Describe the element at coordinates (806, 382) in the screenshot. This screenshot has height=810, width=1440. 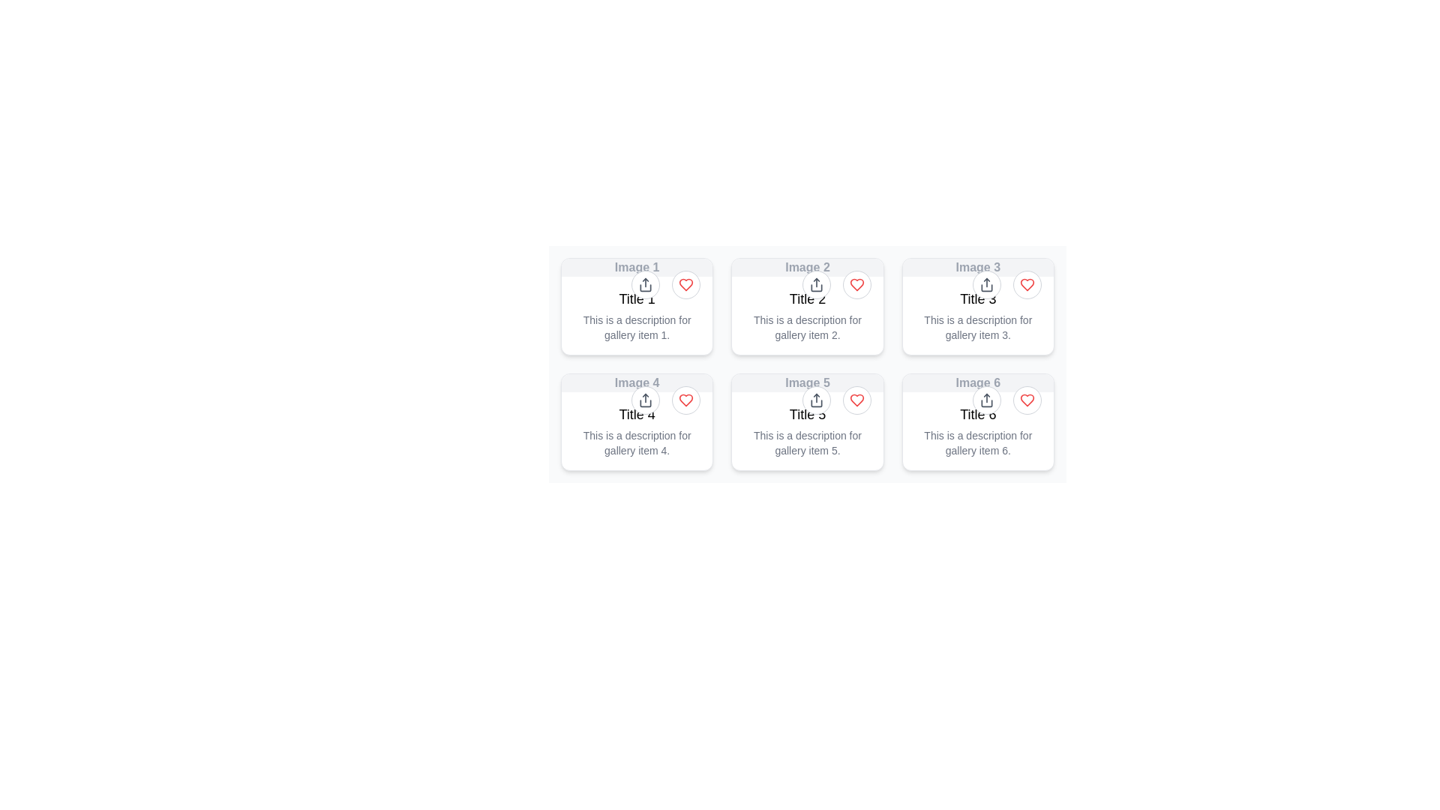
I see `the text label displaying 'Image 5', which is styled in gray and bold font, located at the top of its card in the second row, first column of a 3x2 grid layout` at that location.